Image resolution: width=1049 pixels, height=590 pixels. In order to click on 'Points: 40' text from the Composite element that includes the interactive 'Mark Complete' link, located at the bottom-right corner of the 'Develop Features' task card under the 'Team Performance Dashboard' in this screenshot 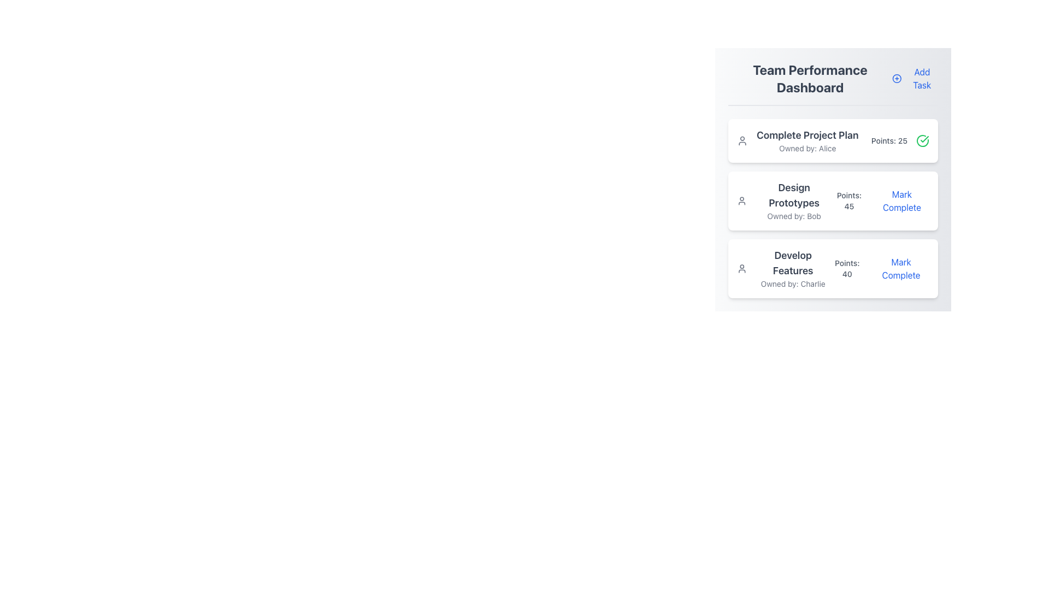, I will do `click(880, 269)`.